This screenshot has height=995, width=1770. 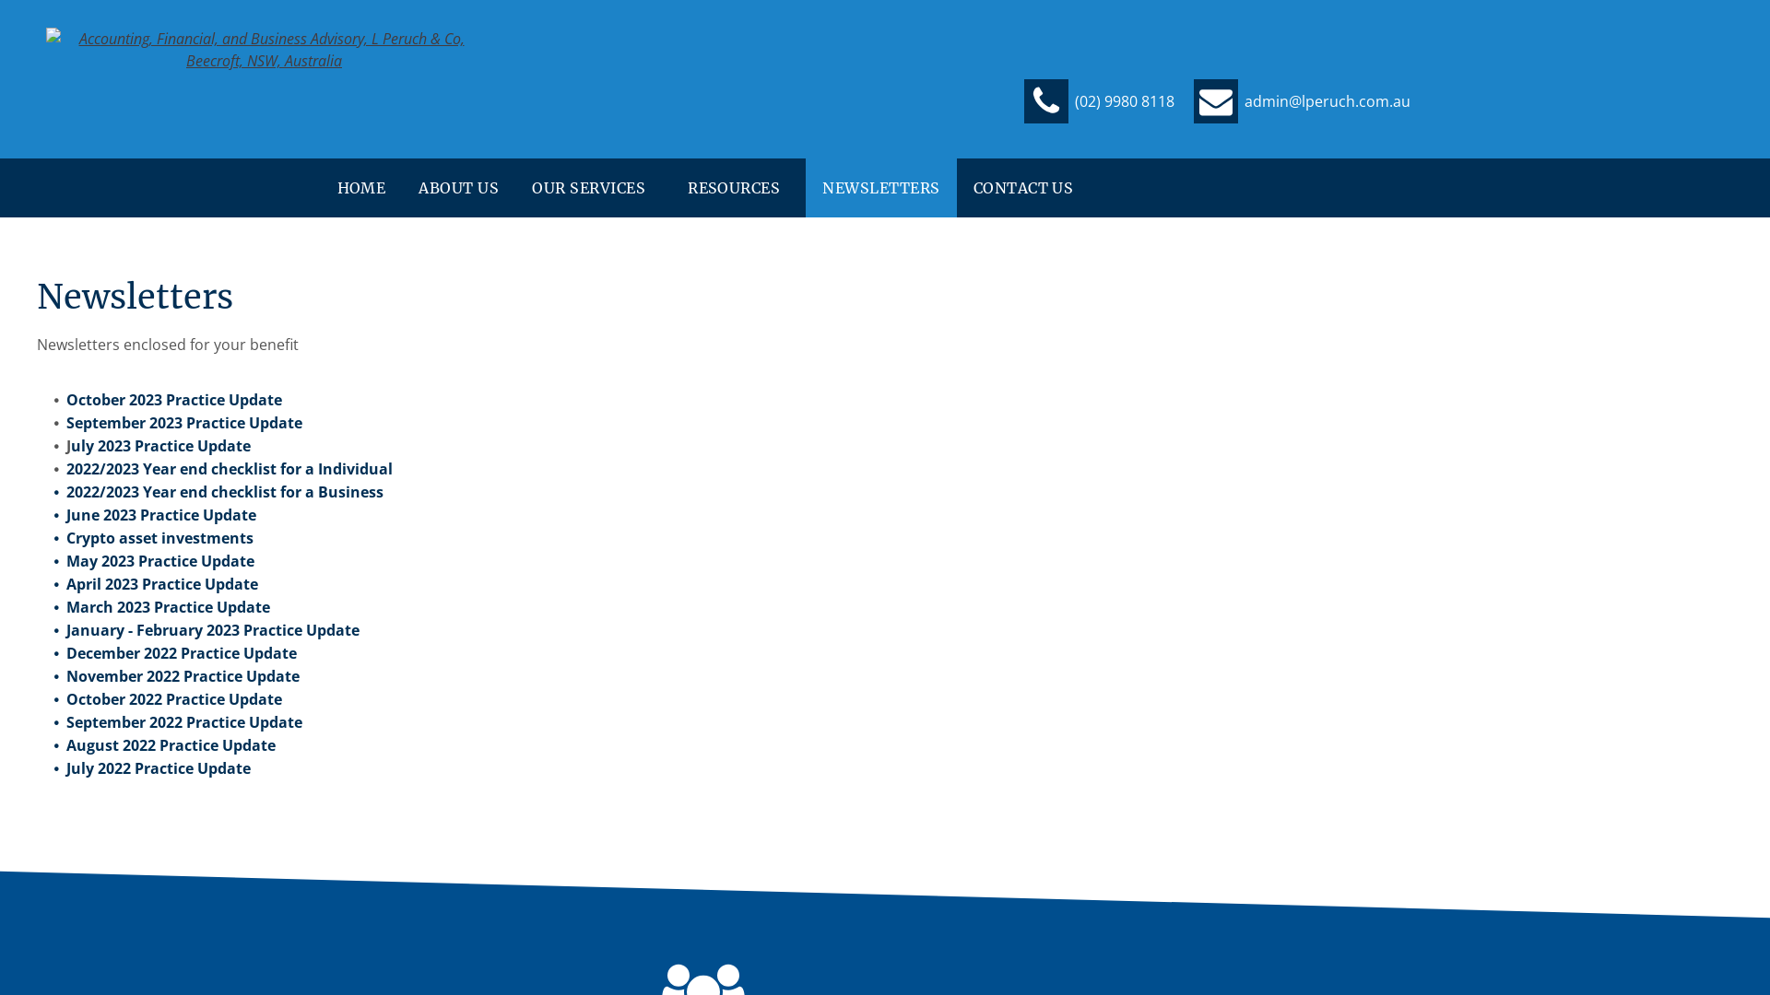 What do you see at coordinates (171, 744) in the screenshot?
I see `'August 2022 Practice Update'` at bounding box center [171, 744].